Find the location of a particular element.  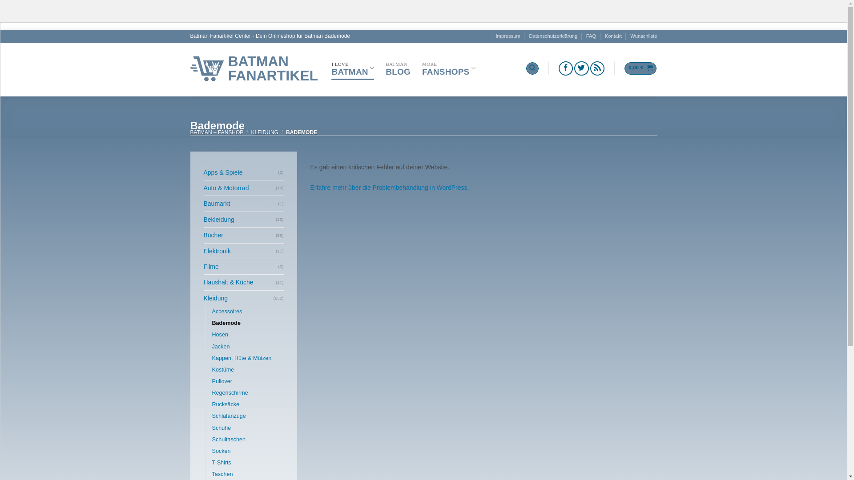

'Socken' is located at coordinates (211, 451).